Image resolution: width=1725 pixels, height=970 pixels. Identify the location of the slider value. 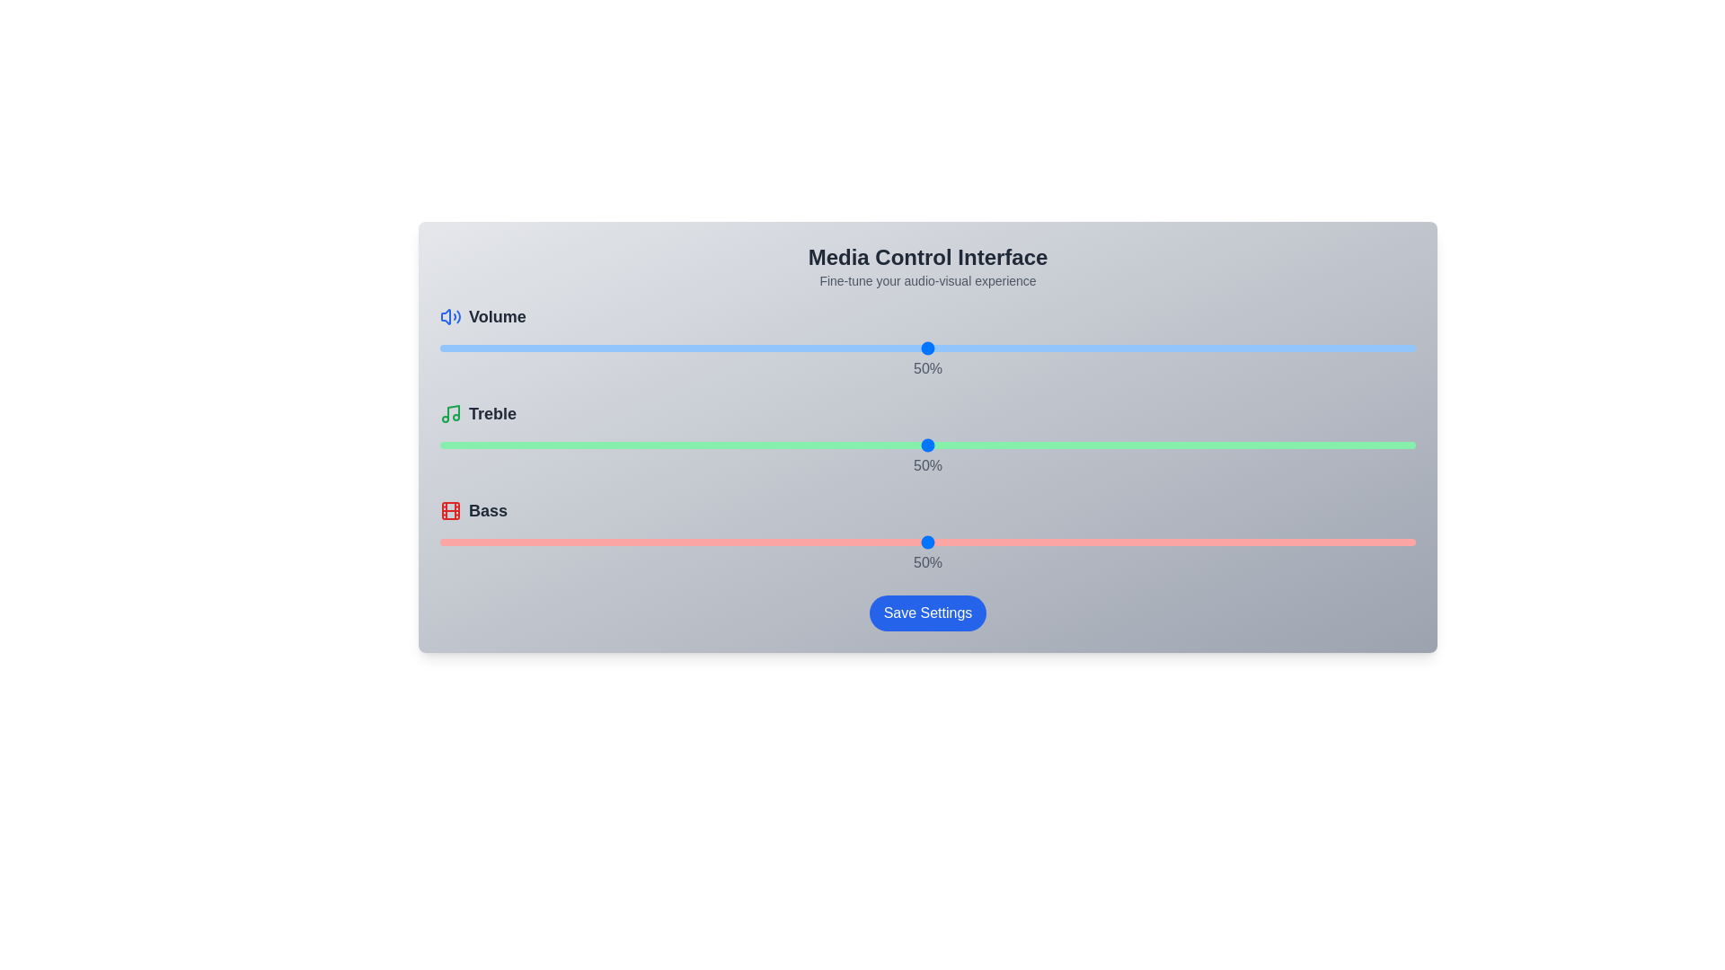
(1259, 445).